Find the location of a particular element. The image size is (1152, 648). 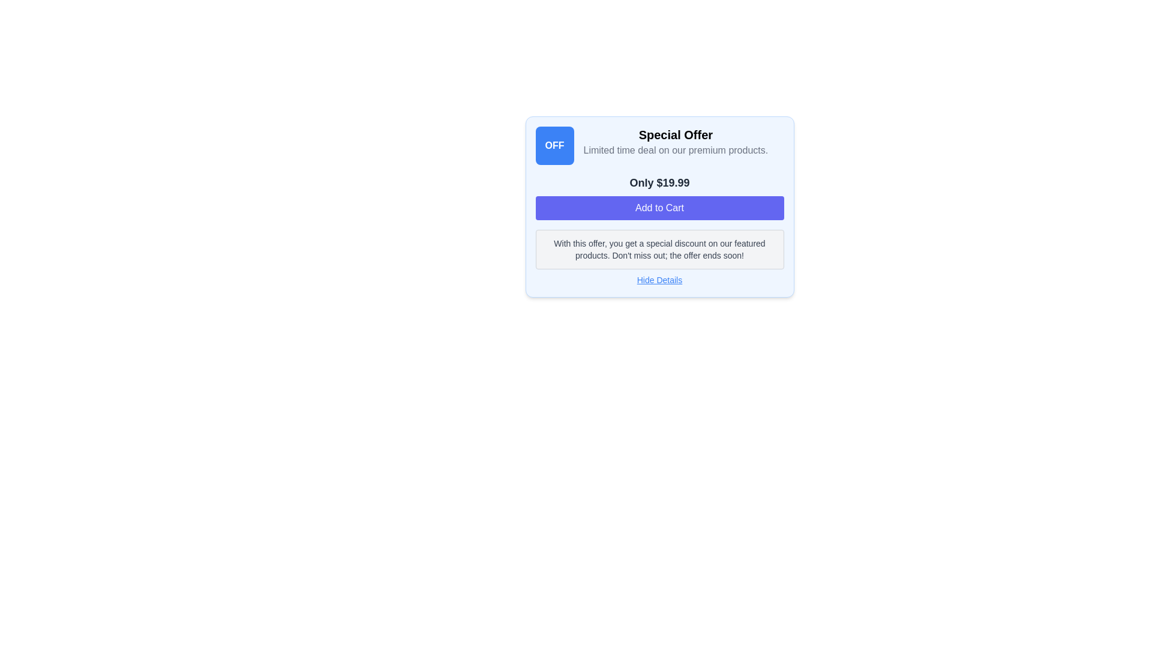

the 'Add to Cart' button located below the price display of '$19.99', which is styled in bold gray text is located at coordinates (659, 196).